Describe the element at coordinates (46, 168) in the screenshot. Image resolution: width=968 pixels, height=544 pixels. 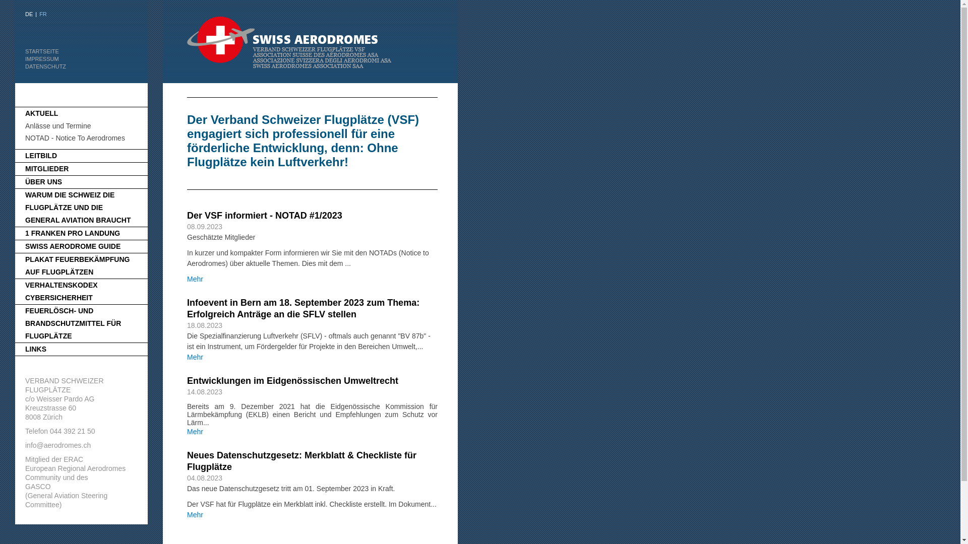
I see `'MITGLIEDER'` at that location.